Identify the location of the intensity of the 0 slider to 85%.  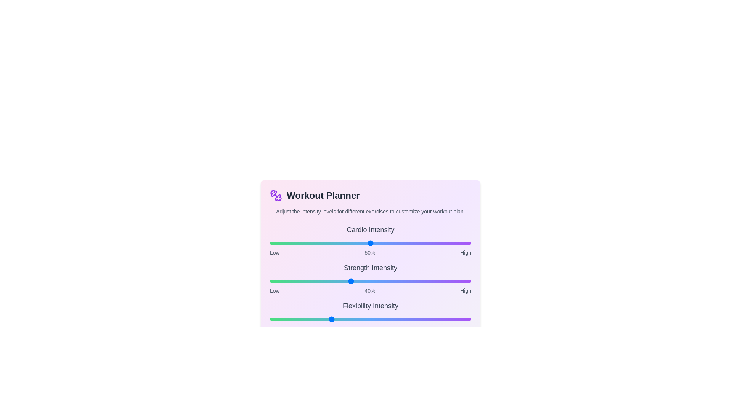
(441, 243).